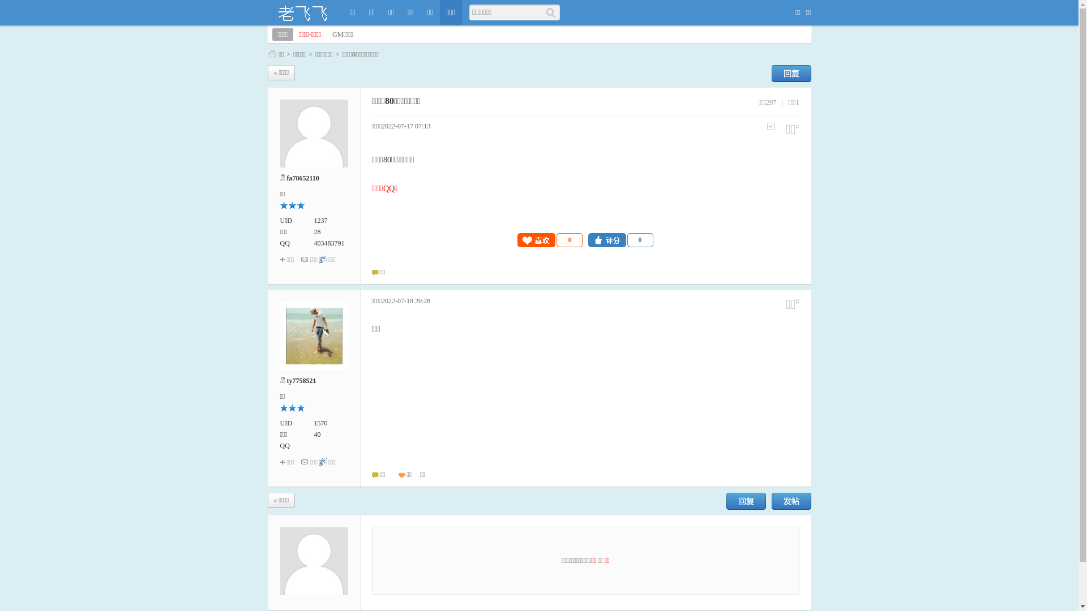  What do you see at coordinates (317, 433) in the screenshot?
I see `'40'` at bounding box center [317, 433].